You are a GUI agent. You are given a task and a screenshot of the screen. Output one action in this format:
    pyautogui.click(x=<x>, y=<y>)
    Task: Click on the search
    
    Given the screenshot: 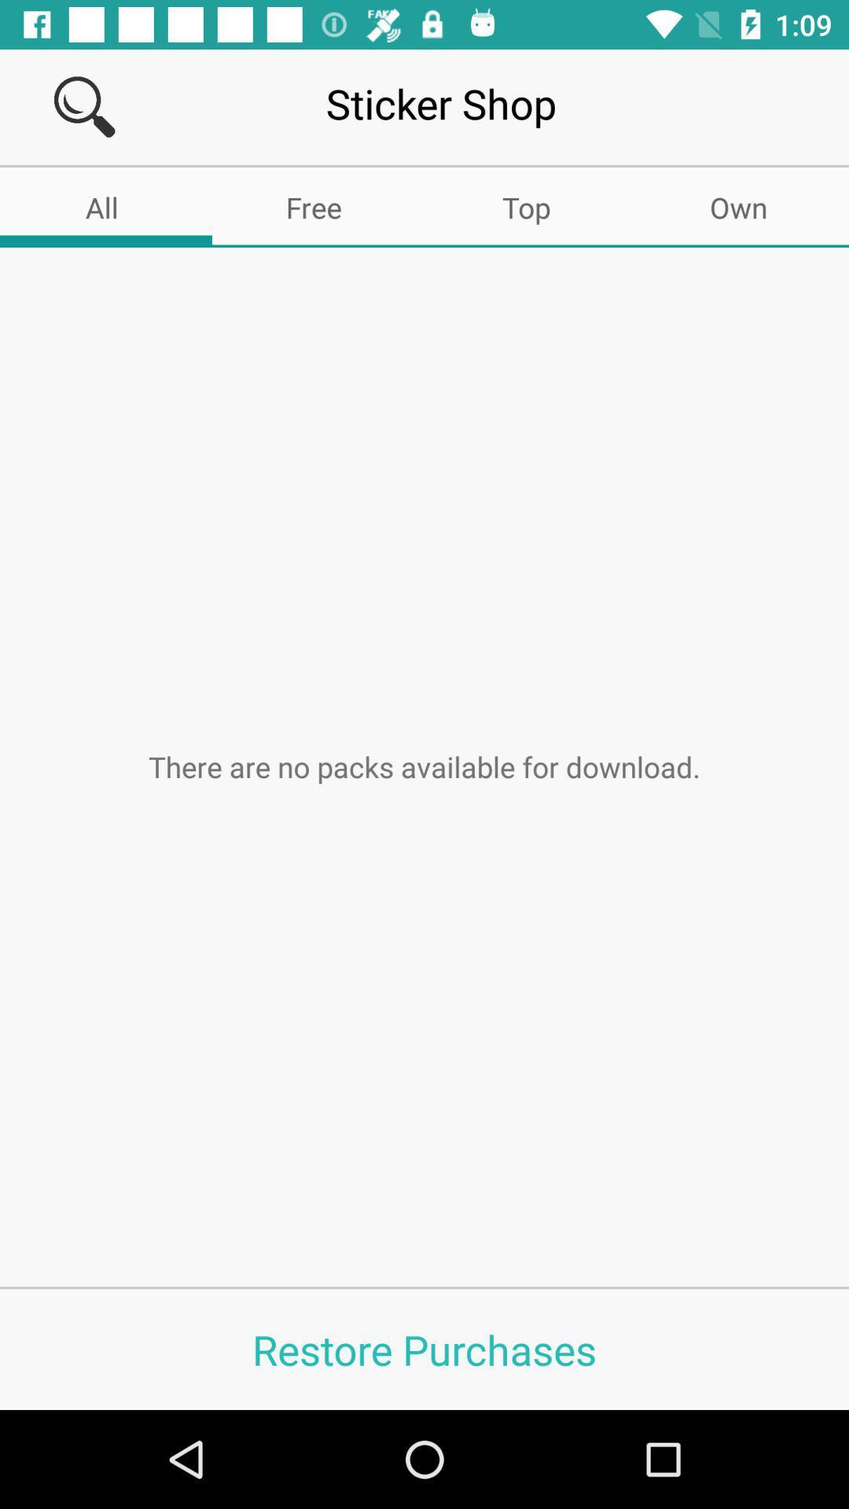 What is the action you would take?
    pyautogui.click(x=84, y=106)
    